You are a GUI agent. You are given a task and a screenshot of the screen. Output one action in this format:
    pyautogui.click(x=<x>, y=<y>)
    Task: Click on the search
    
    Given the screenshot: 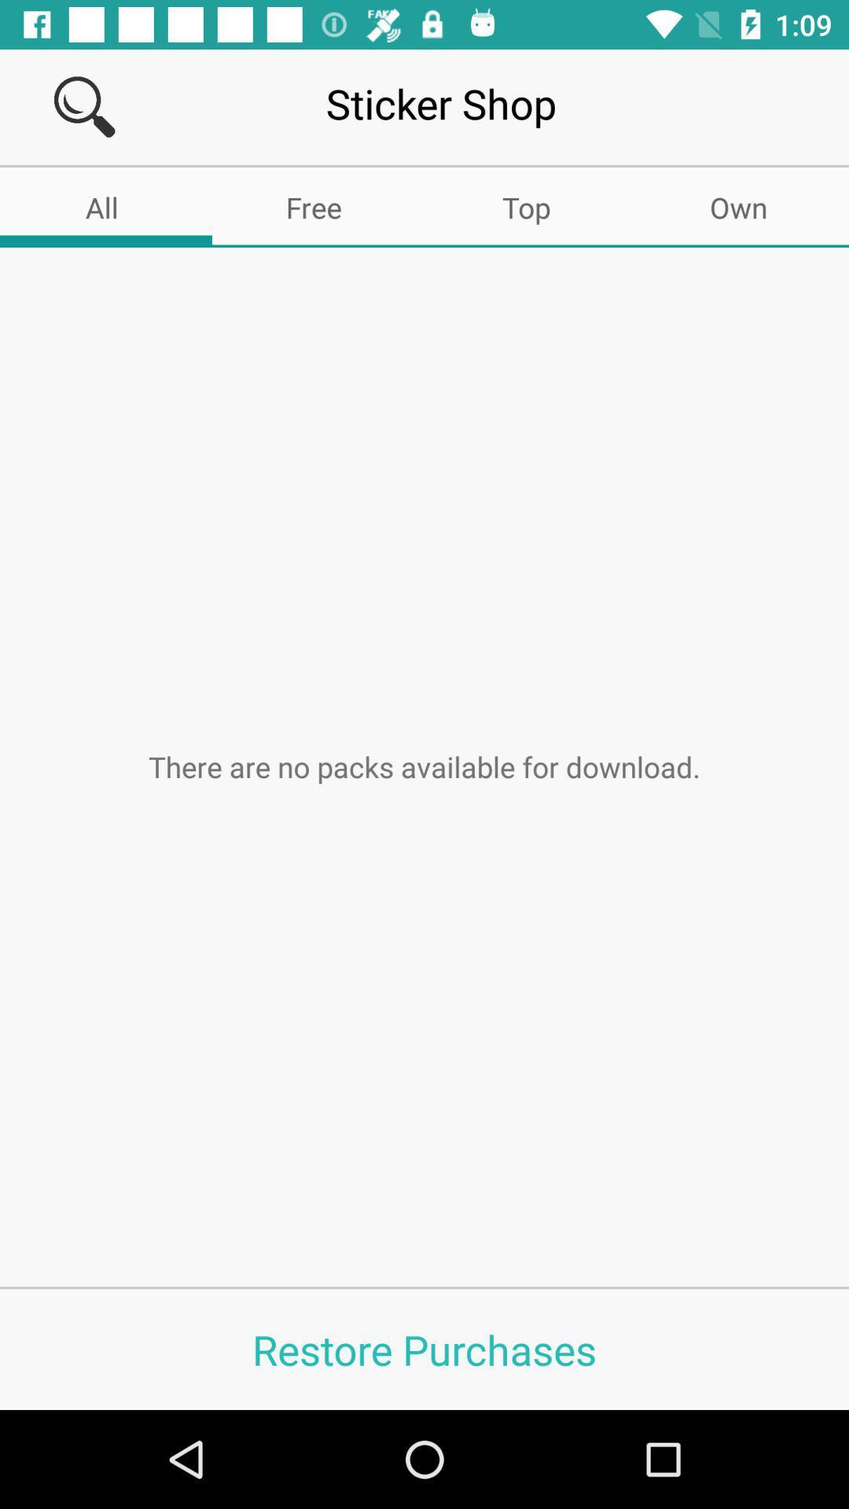 What is the action you would take?
    pyautogui.click(x=84, y=106)
    